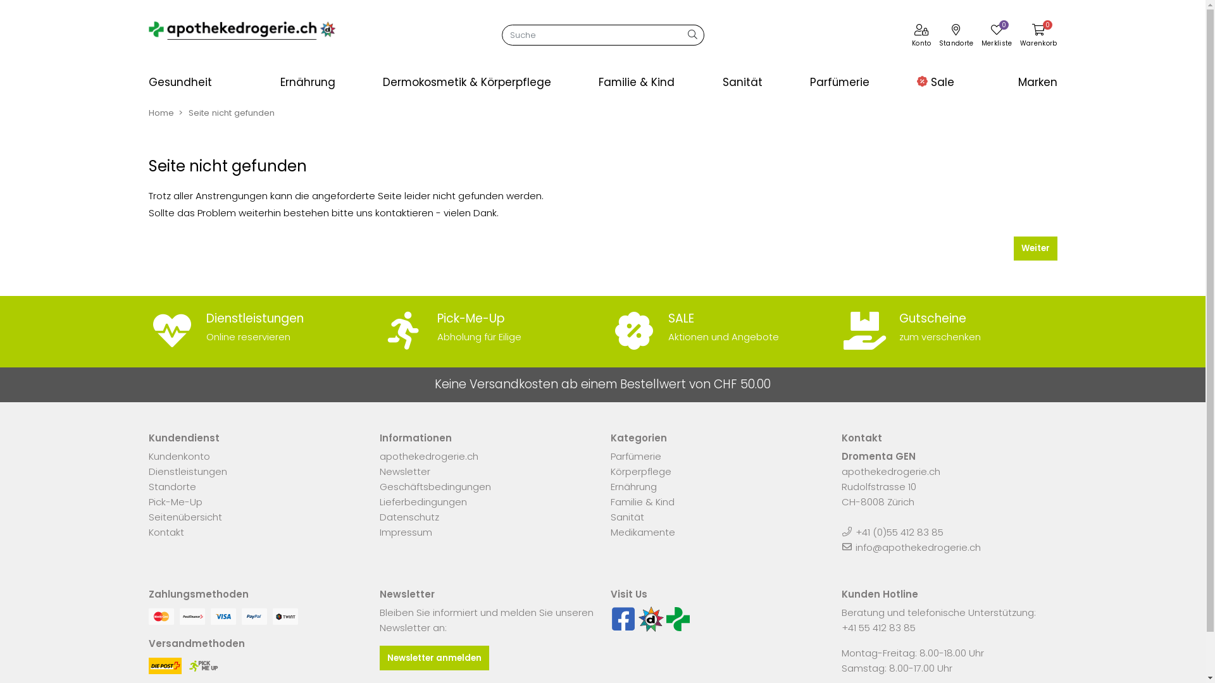 Image resolution: width=1215 pixels, height=683 pixels. Describe the element at coordinates (996, 36) in the screenshot. I see `'0` at that location.